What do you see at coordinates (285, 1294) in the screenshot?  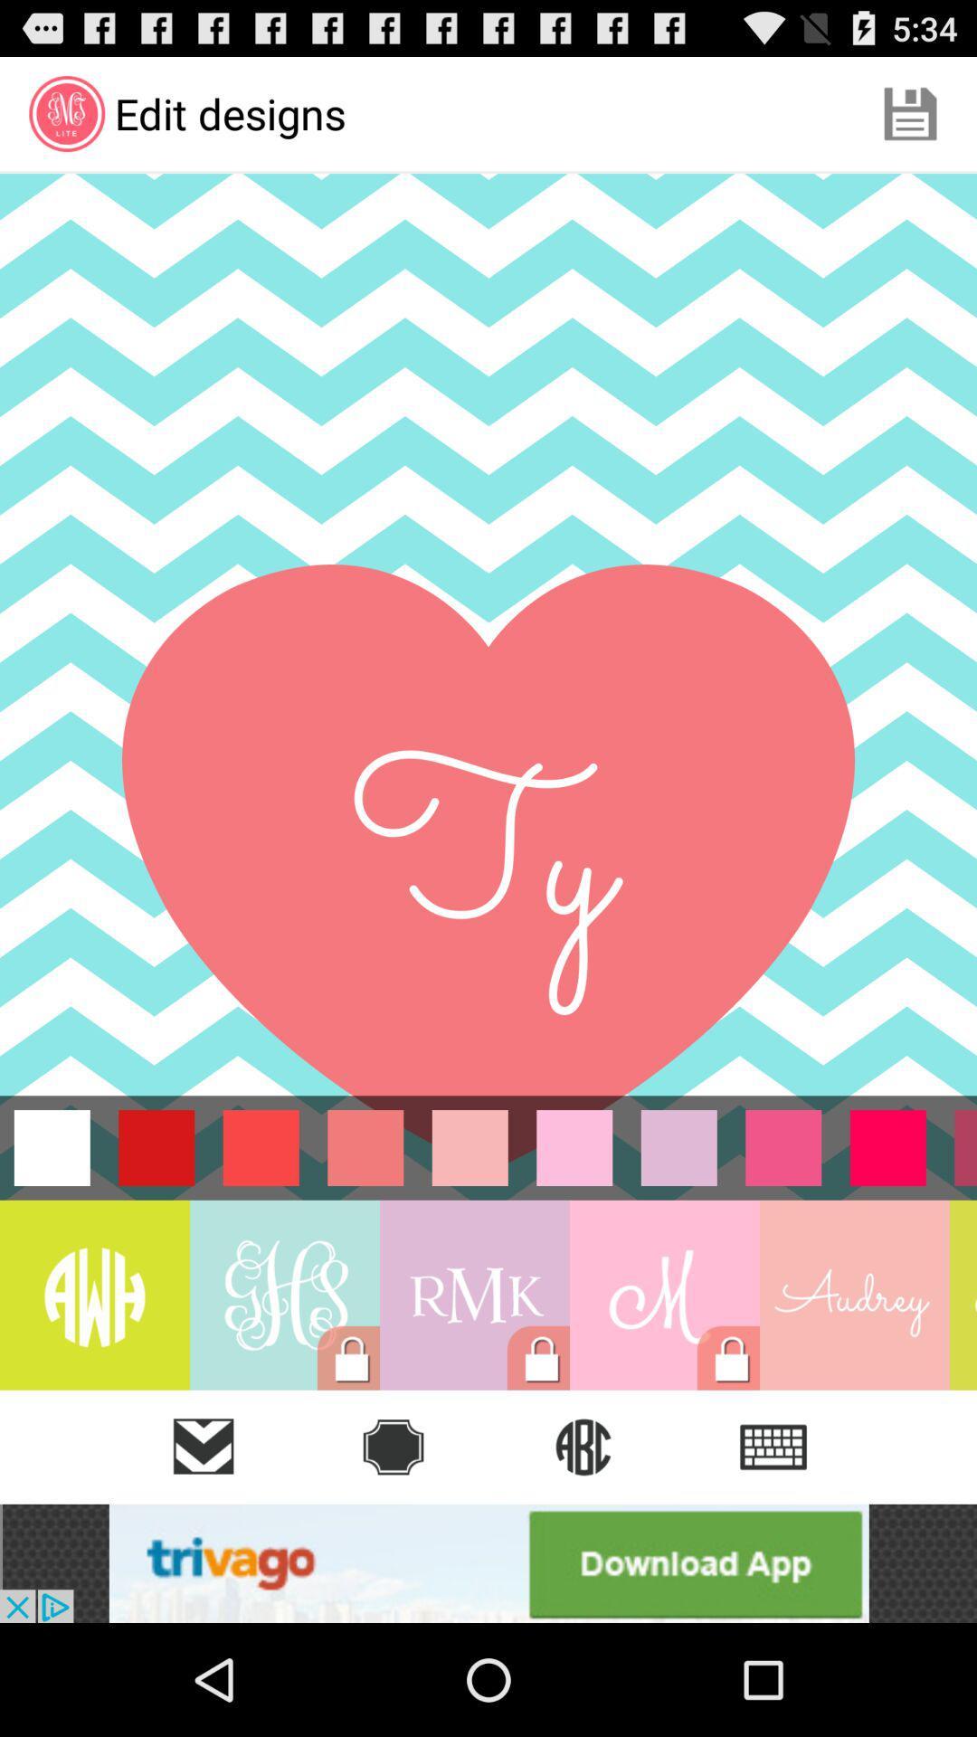 I see `the text which is locked and colored with blue color` at bounding box center [285, 1294].